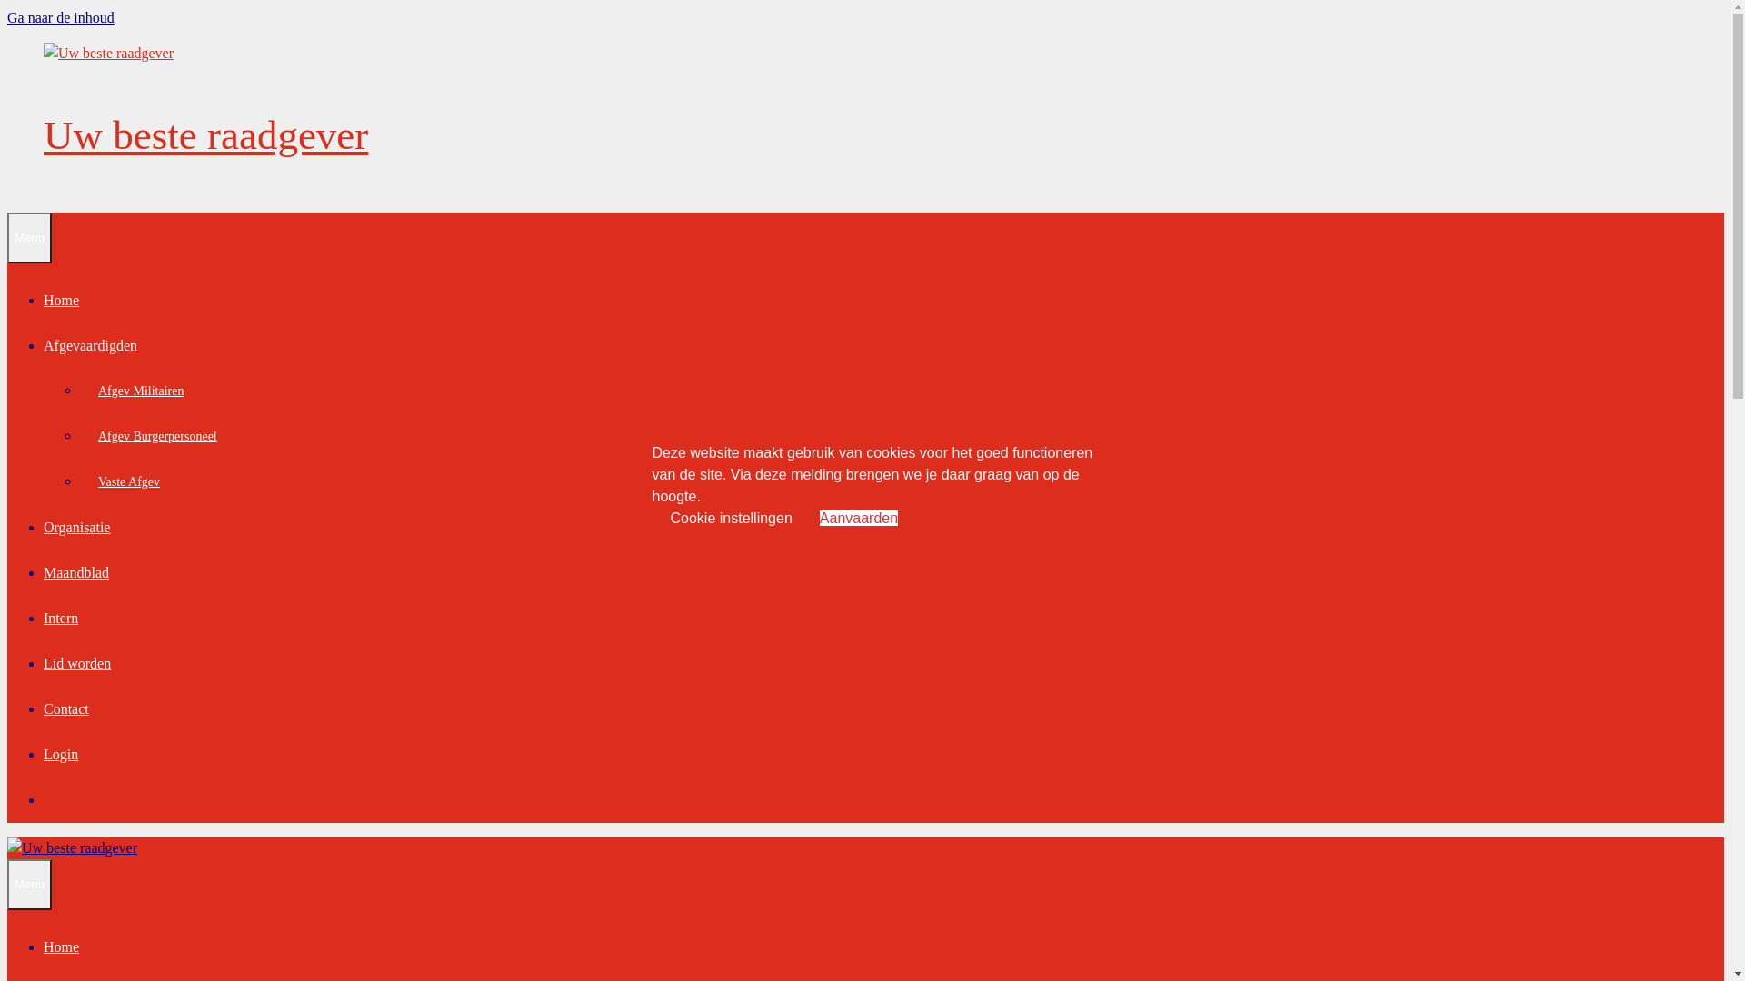 The width and height of the screenshot is (1745, 981). What do you see at coordinates (89, 345) in the screenshot?
I see `'Afgevaardigden'` at bounding box center [89, 345].